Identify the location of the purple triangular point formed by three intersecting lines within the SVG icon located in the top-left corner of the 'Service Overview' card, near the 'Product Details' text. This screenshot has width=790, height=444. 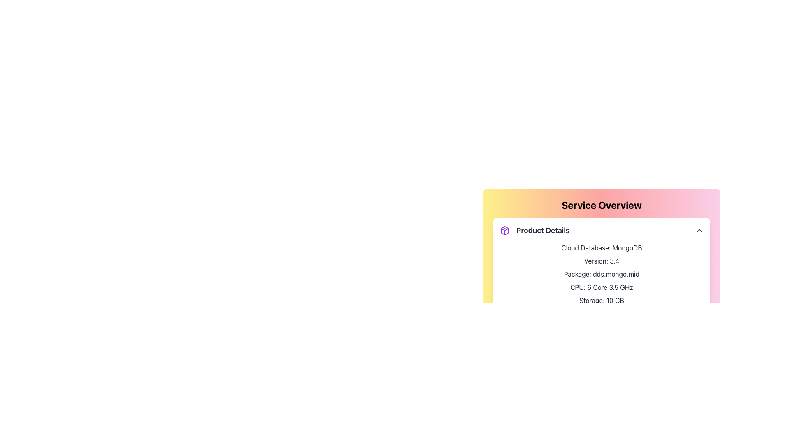
(504, 229).